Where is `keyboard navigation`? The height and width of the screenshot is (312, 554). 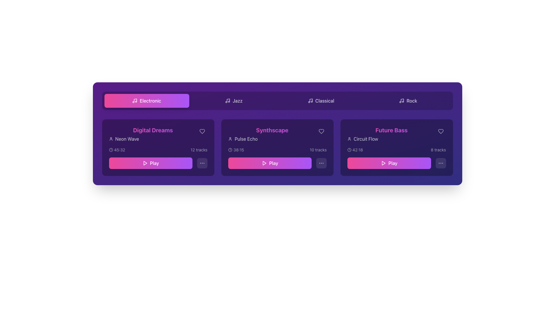 keyboard navigation is located at coordinates (147, 100).